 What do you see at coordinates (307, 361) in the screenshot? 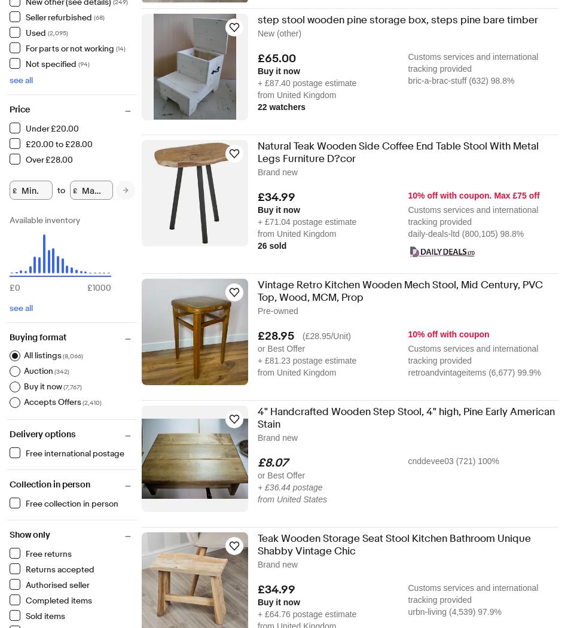
I see `'+ £81.23 postage estimate'` at bounding box center [307, 361].